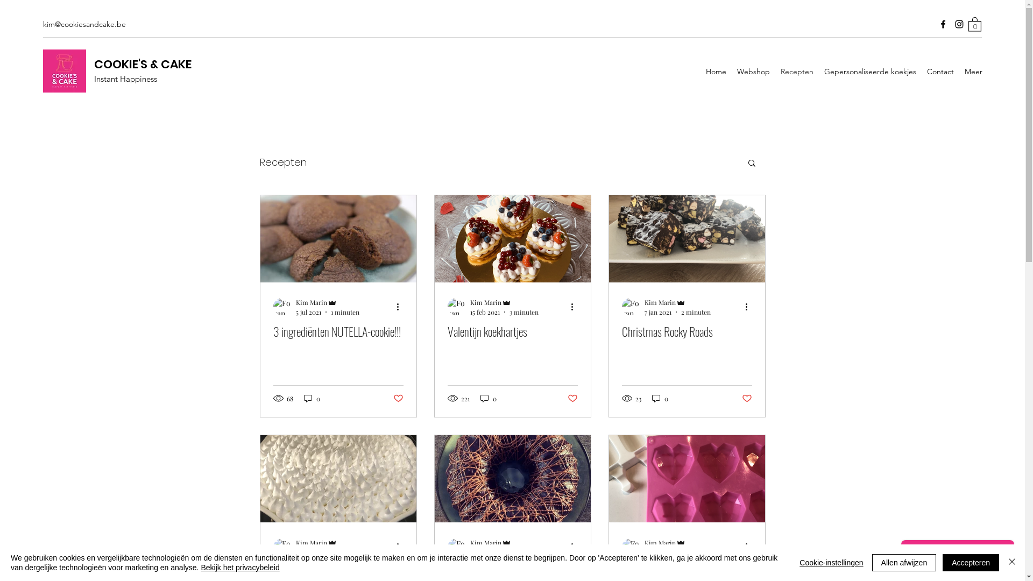  I want to click on 'Recepten', so click(797, 71).